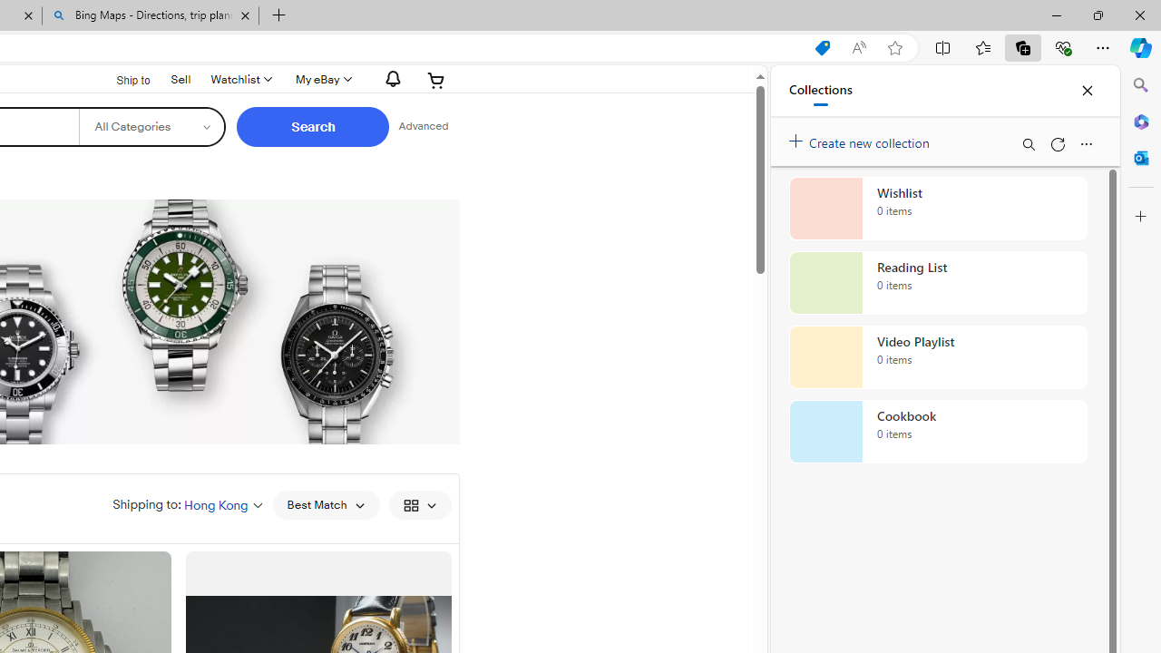 Image resolution: width=1161 pixels, height=653 pixels. What do you see at coordinates (938, 357) in the screenshot?
I see `'Video Playlist collection, 0 items'` at bounding box center [938, 357].